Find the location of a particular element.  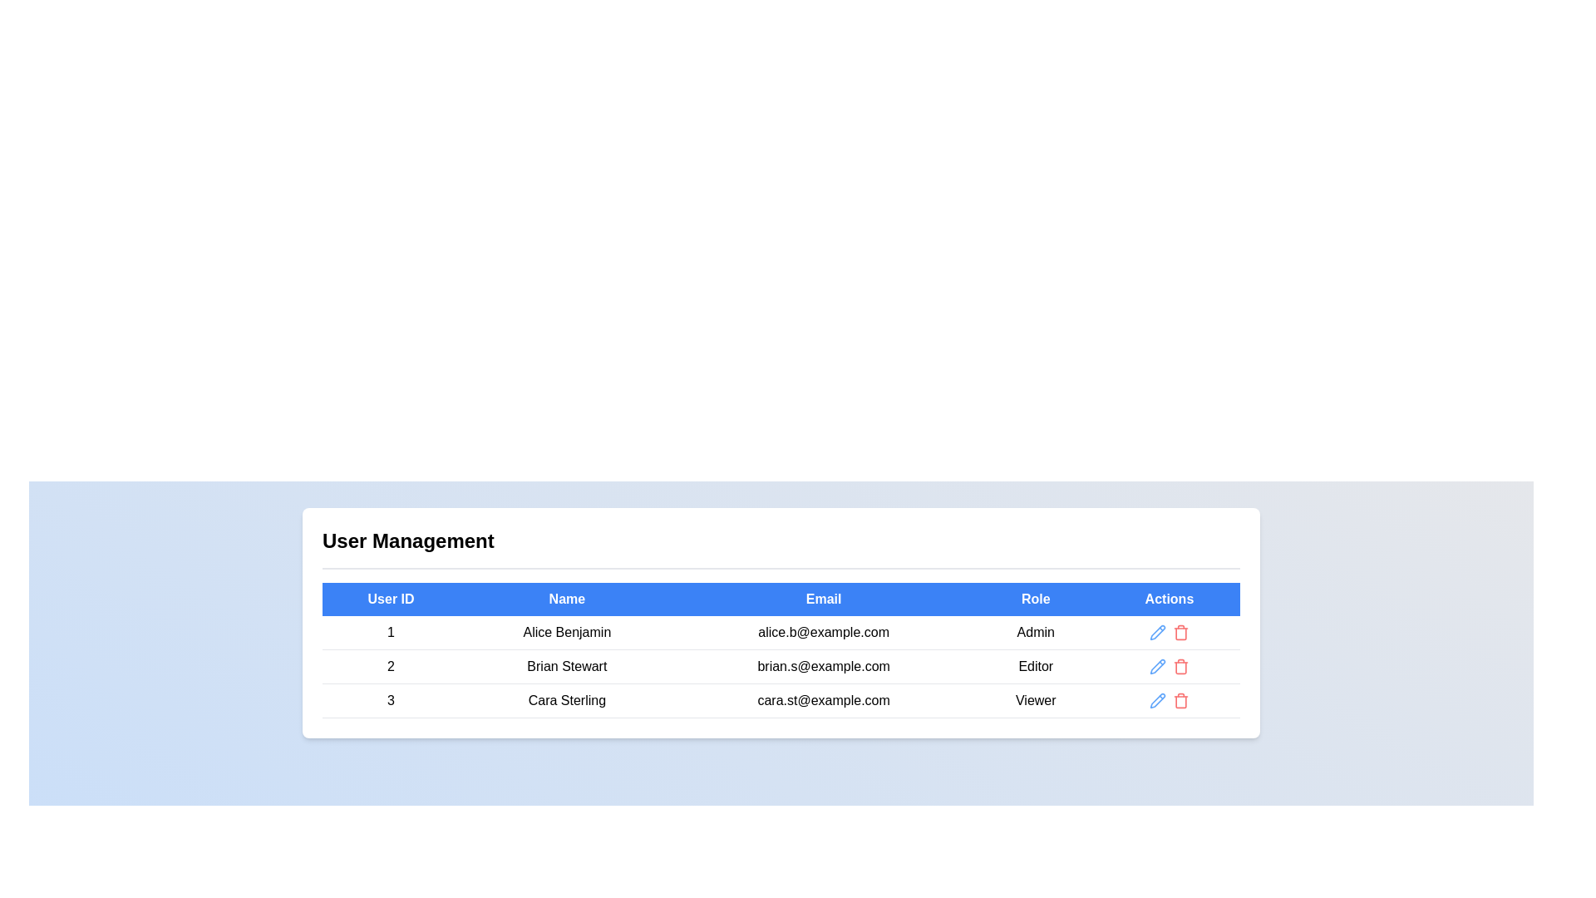

user details displayed in the last row of the table, which includes the user's ID, name, email, and role, as well as action buttons for editing or deleting the user's information is located at coordinates (781, 701).